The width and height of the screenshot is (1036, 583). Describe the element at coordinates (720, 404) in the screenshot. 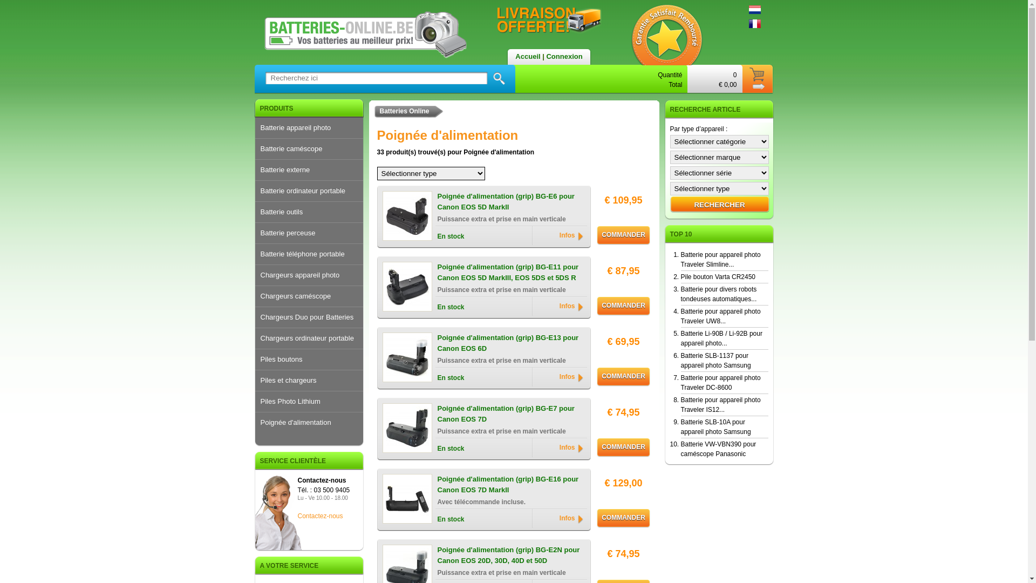

I see `'Batterie pour appareil photo Traveler IS12...'` at that location.